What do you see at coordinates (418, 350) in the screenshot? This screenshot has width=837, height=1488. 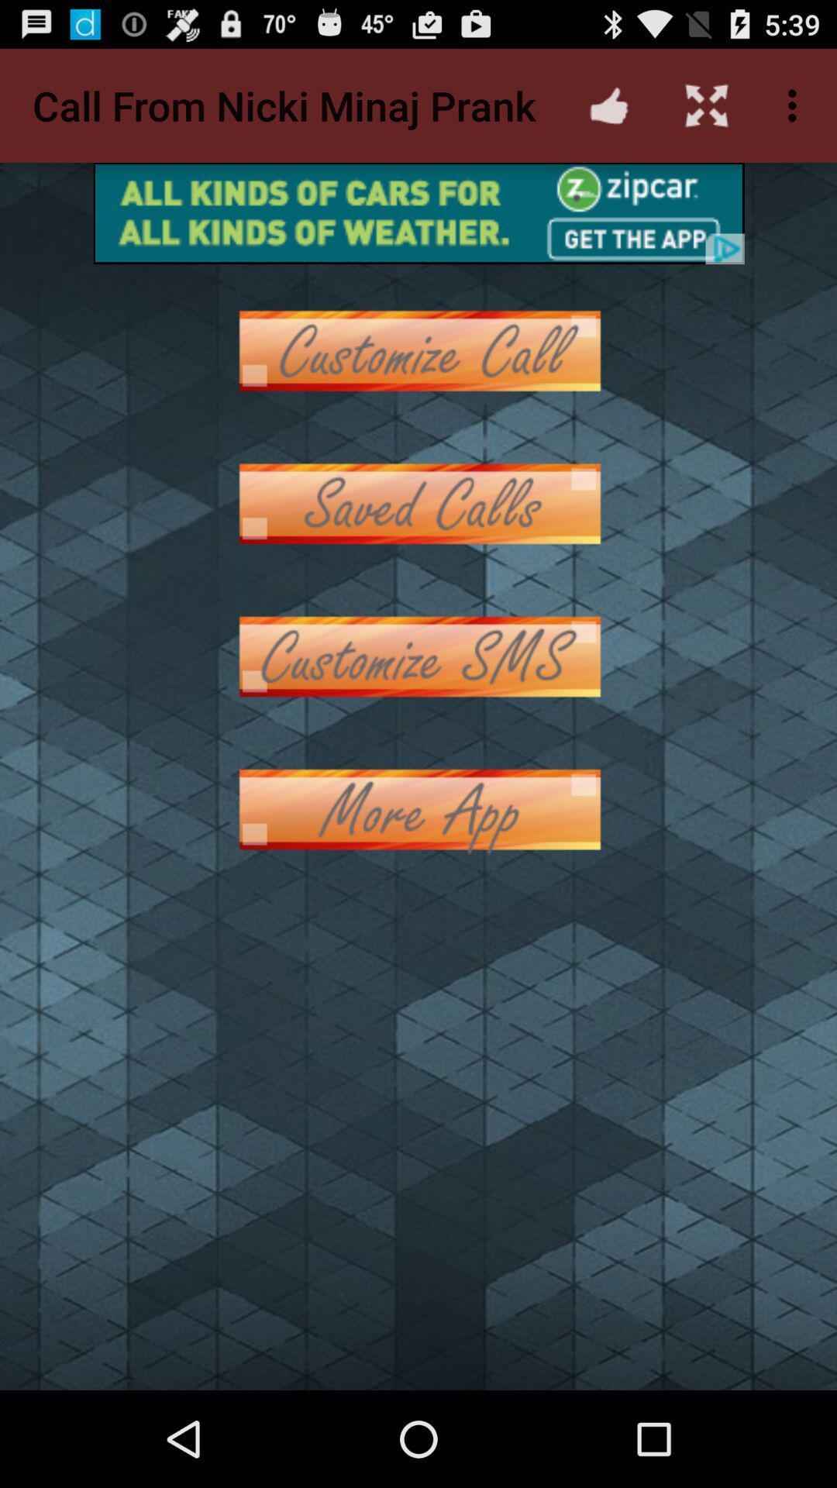 I see `customize call option` at bounding box center [418, 350].